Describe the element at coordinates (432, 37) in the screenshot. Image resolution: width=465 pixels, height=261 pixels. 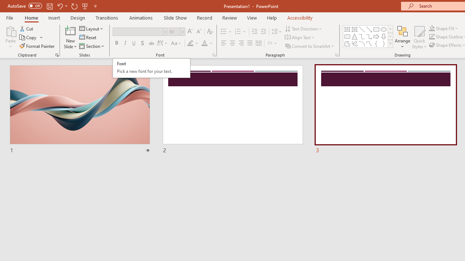
I see `'Shape Outline Blue, Accent 1'` at that location.